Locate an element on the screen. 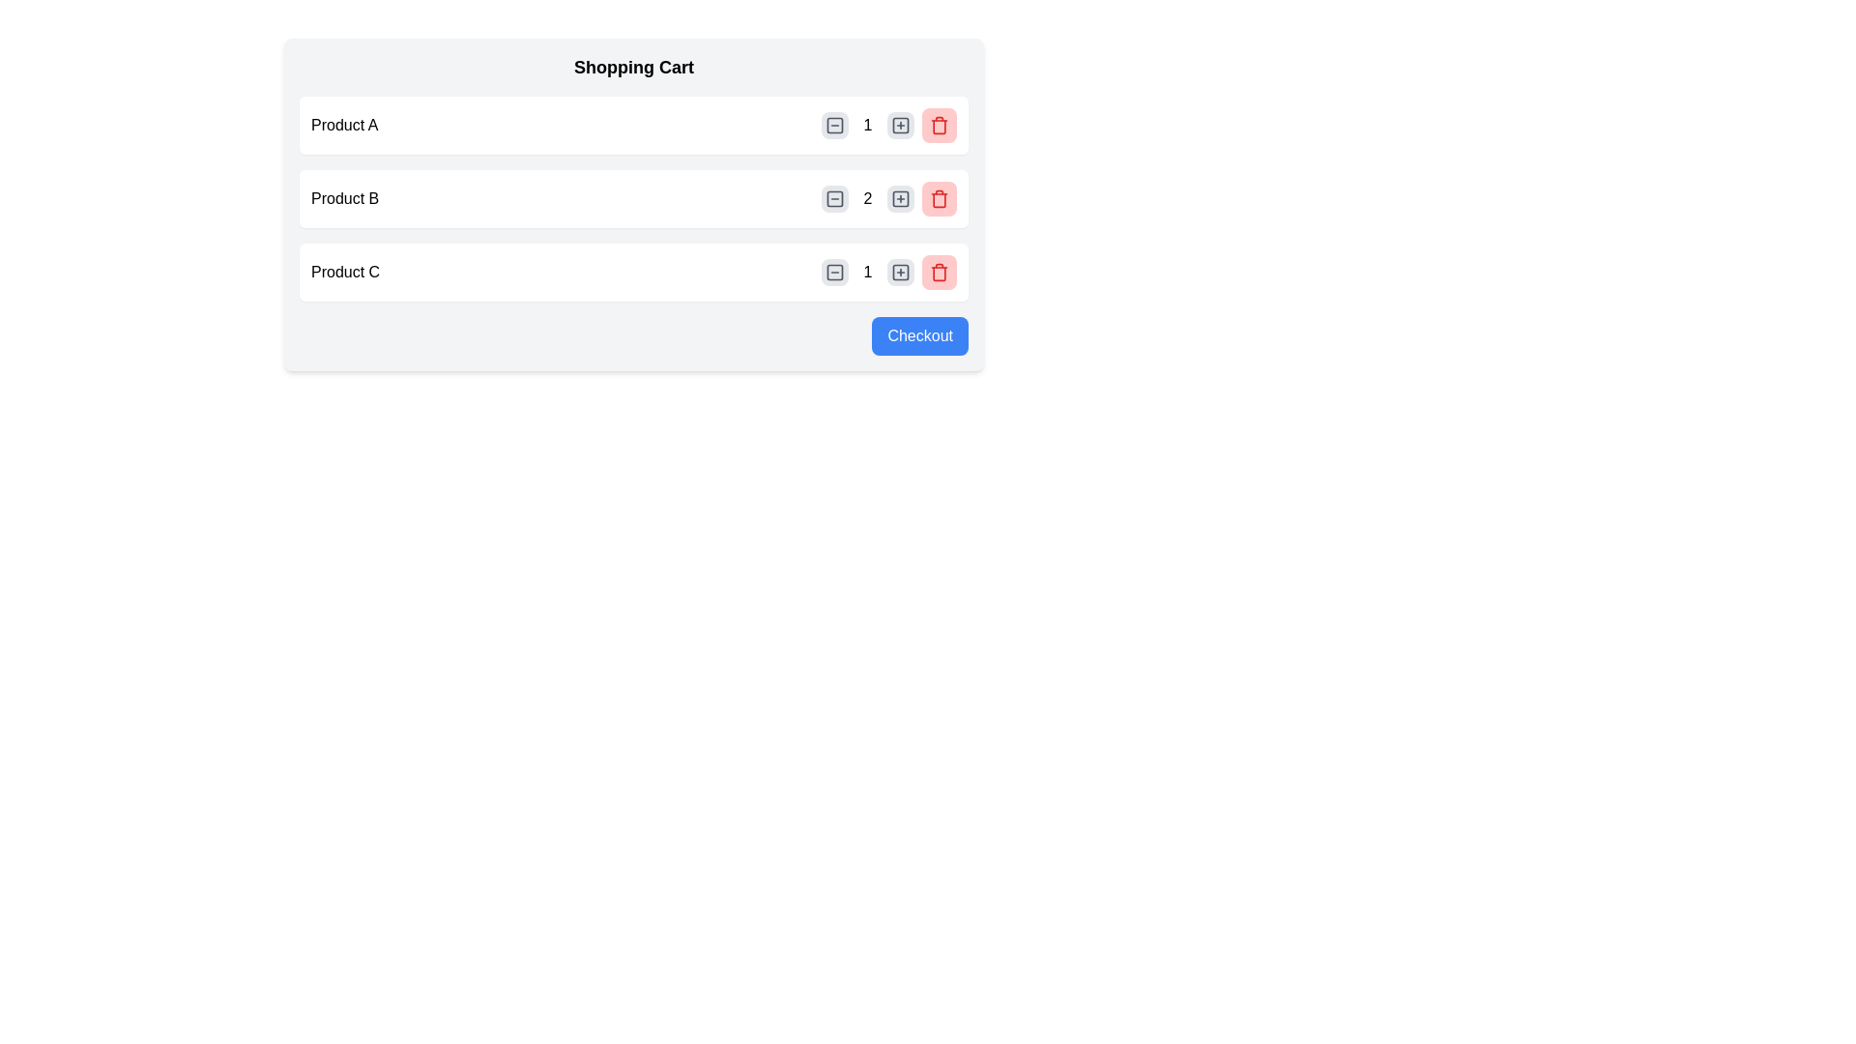 The image size is (1856, 1044). the text label displaying 'Product B' located centrally on the left side of the shopping cart interface is located at coordinates (345, 198).